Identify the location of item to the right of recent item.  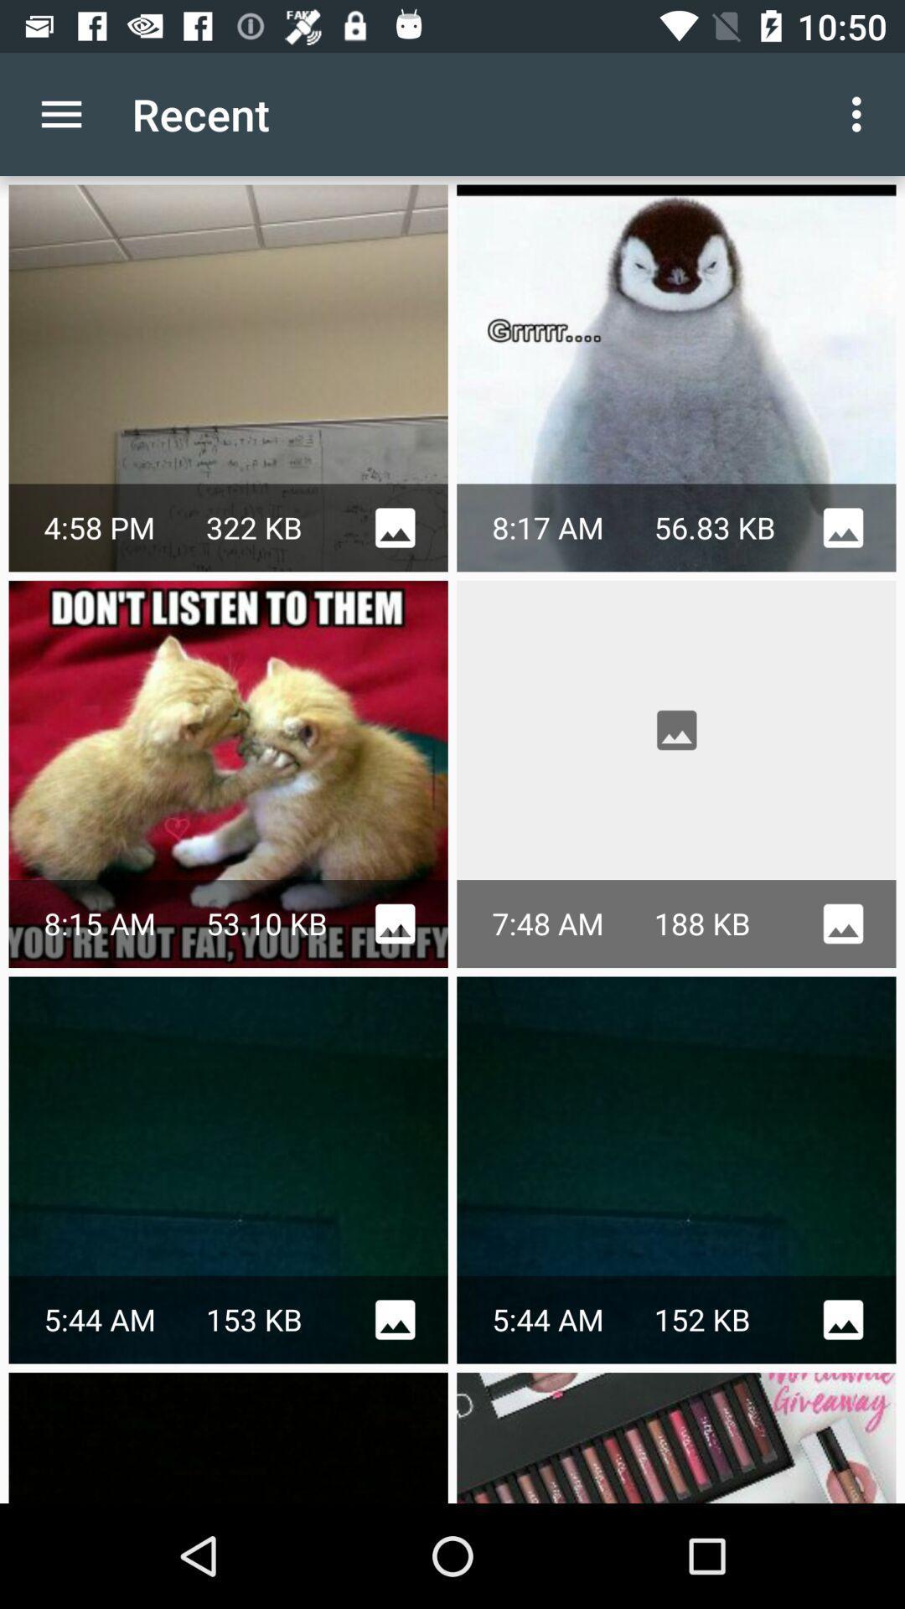
(861, 113).